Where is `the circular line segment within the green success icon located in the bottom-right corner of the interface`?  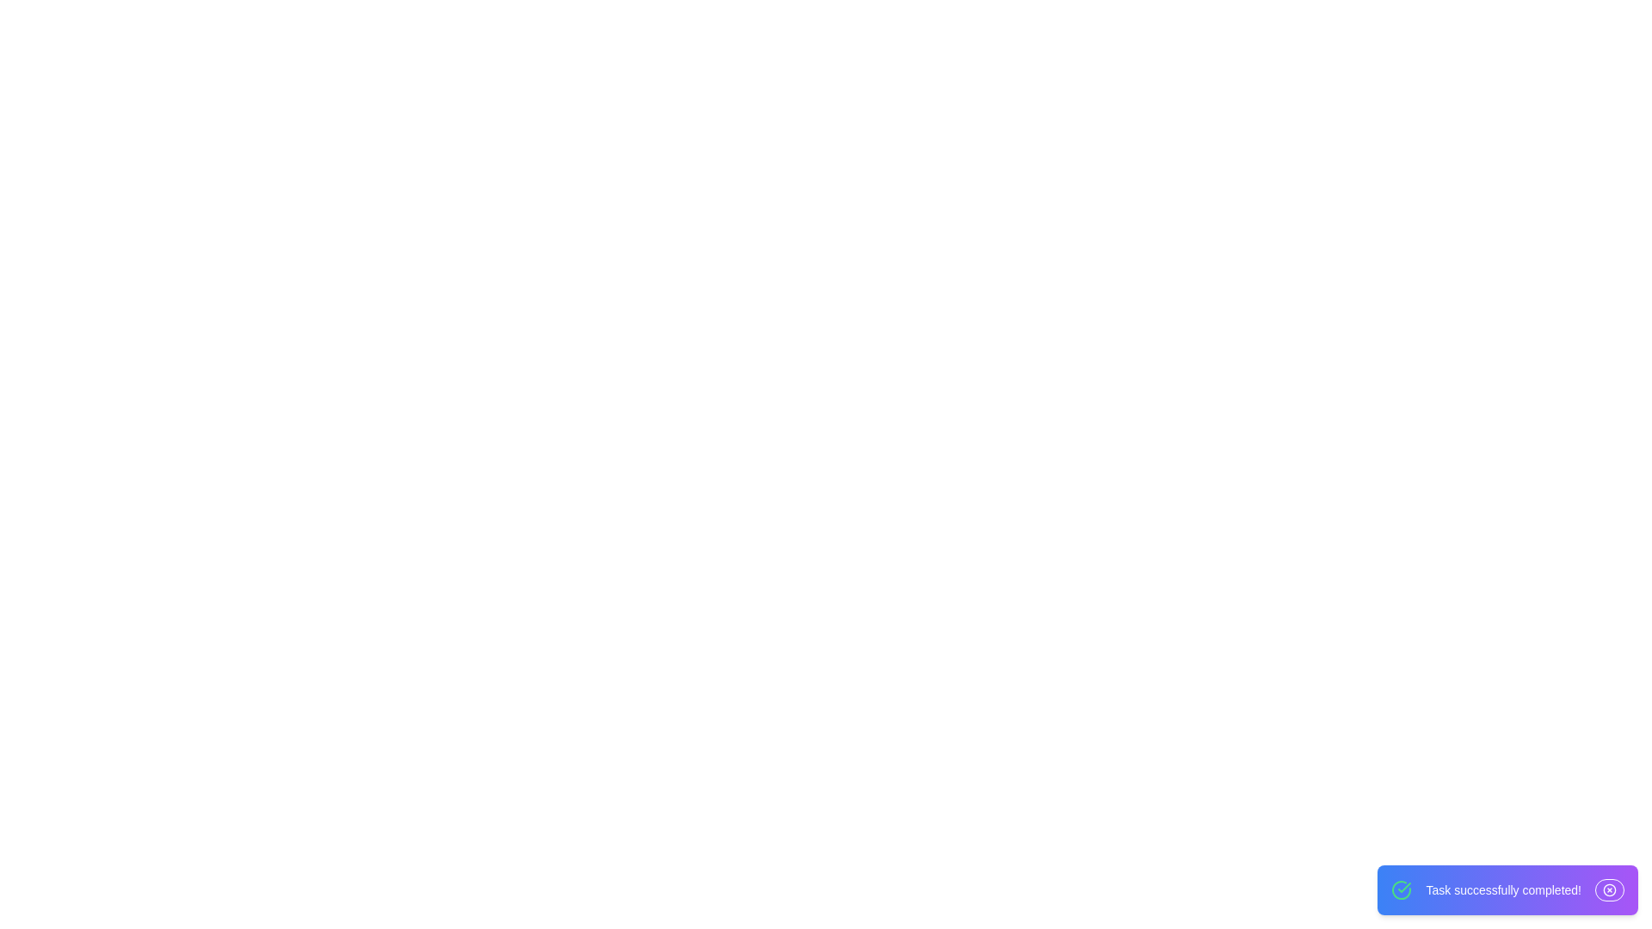
the circular line segment within the green success icon located in the bottom-right corner of the interface is located at coordinates (1402, 889).